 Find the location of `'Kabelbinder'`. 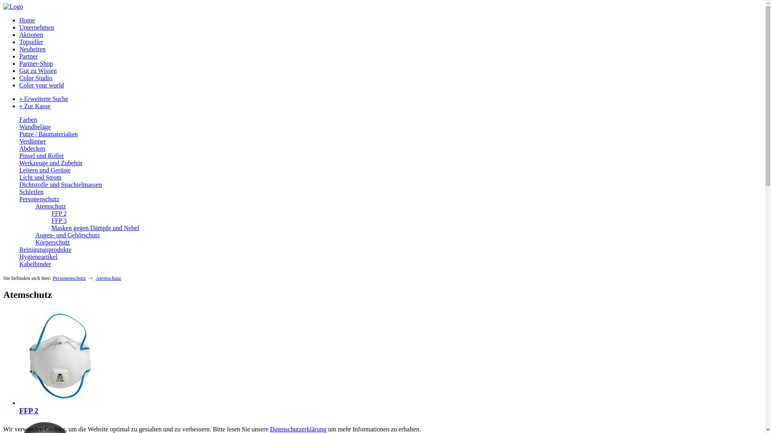

'Kabelbinder' is located at coordinates (35, 264).